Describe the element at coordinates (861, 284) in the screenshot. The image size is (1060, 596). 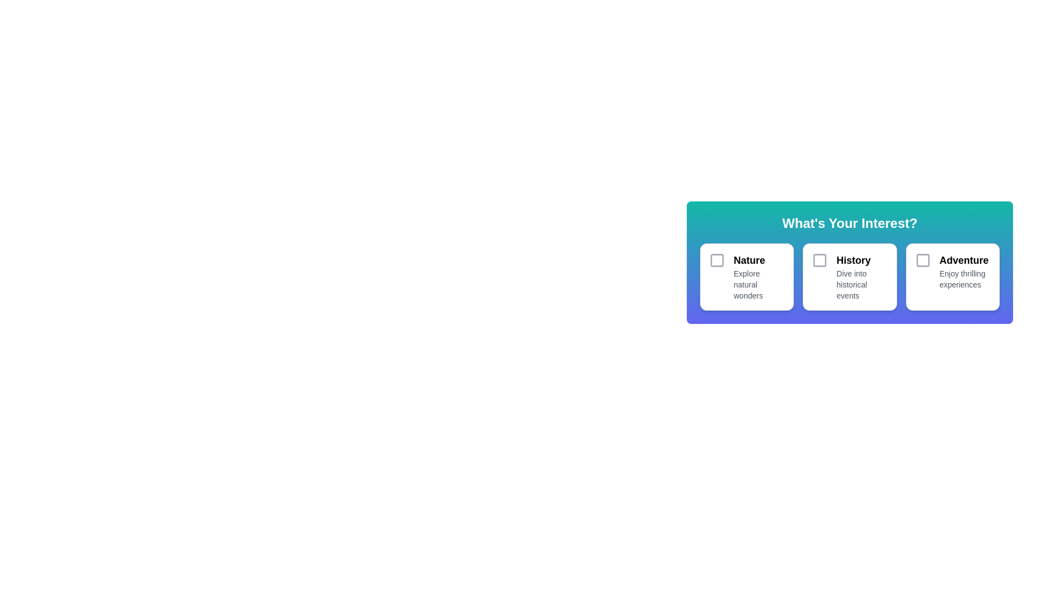
I see `the text label displaying 'Dive into historical events' which is styled in gray color and located below the 'History' title in the 'What's Your Interest?' interface` at that location.